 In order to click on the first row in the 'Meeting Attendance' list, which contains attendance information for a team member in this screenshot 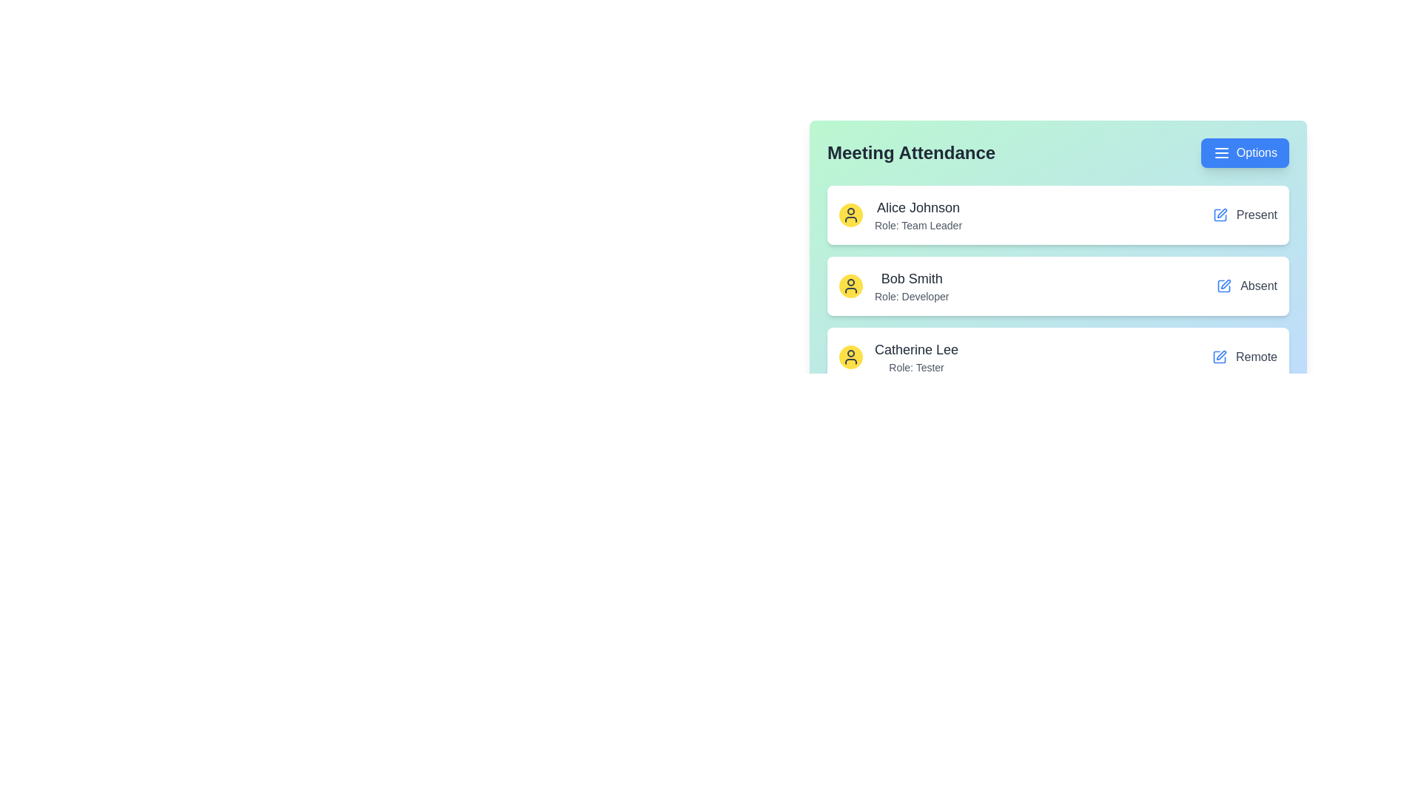, I will do `click(1058, 215)`.